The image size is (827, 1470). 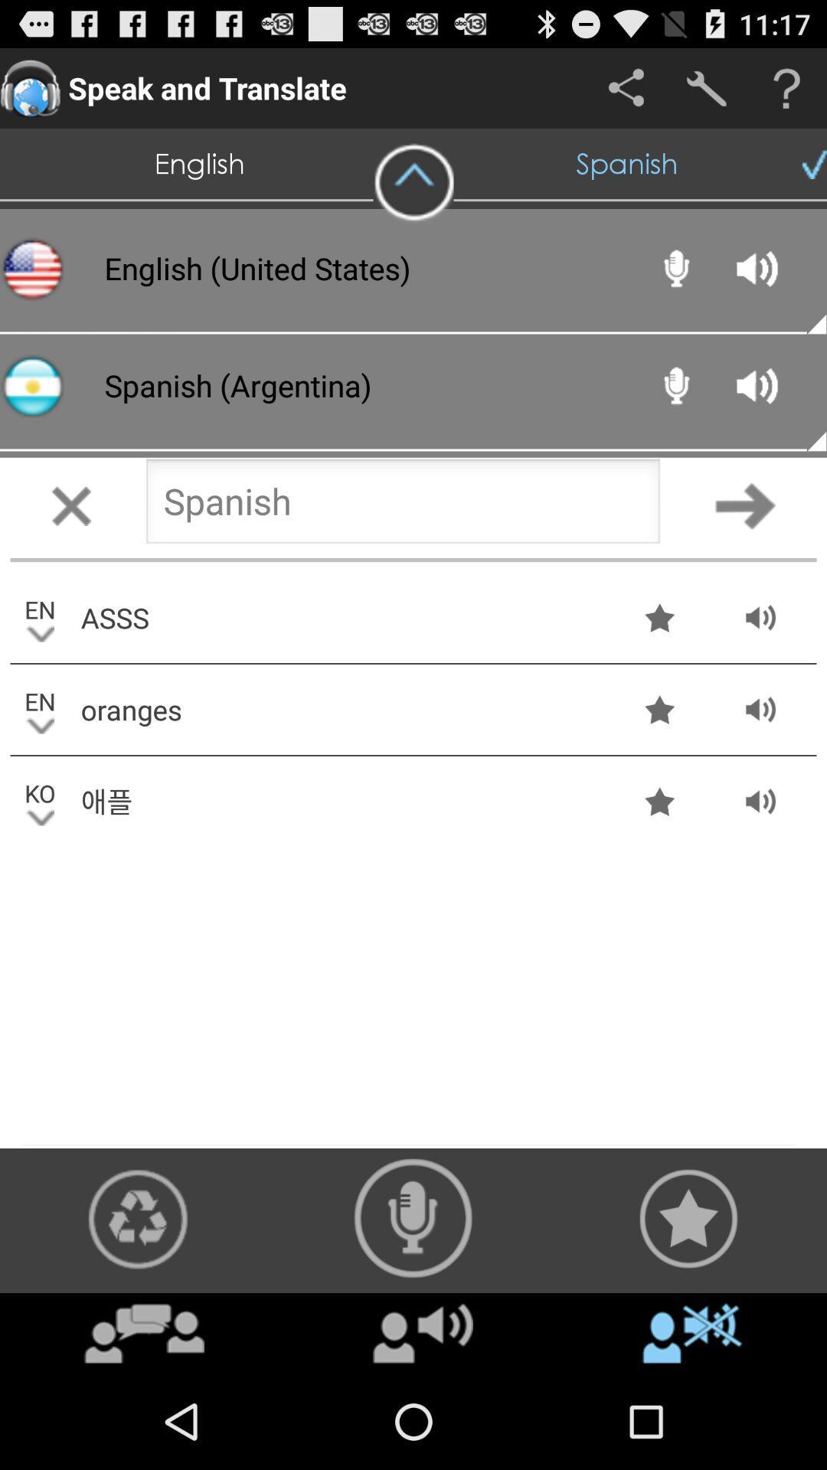 What do you see at coordinates (402, 505) in the screenshot?
I see `previous` at bounding box center [402, 505].